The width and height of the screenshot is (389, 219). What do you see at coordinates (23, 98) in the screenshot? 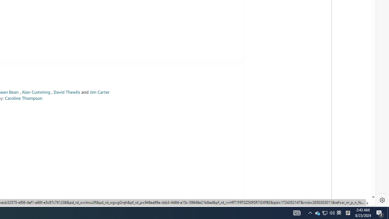
I see `'Caroline Thompson'` at bounding box center [23, 98].